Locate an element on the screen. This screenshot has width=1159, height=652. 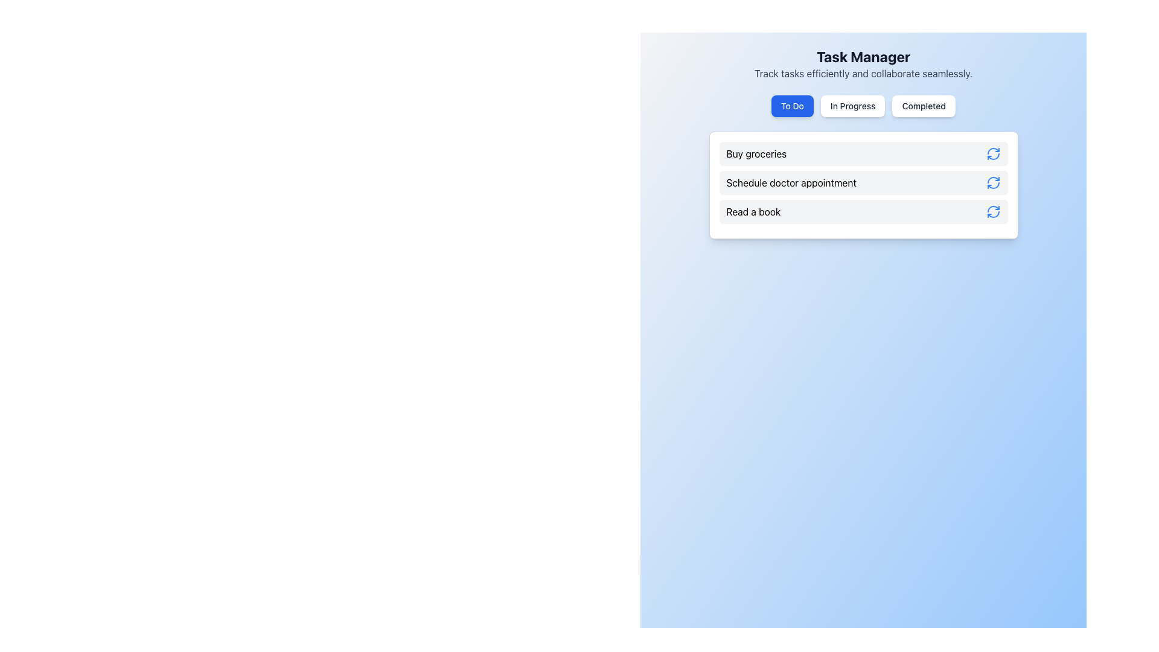
the prominently displayed title text label 'Task Manager', which is styled in bold and is located at the top center of the interface is located at coordinates (863, 56).